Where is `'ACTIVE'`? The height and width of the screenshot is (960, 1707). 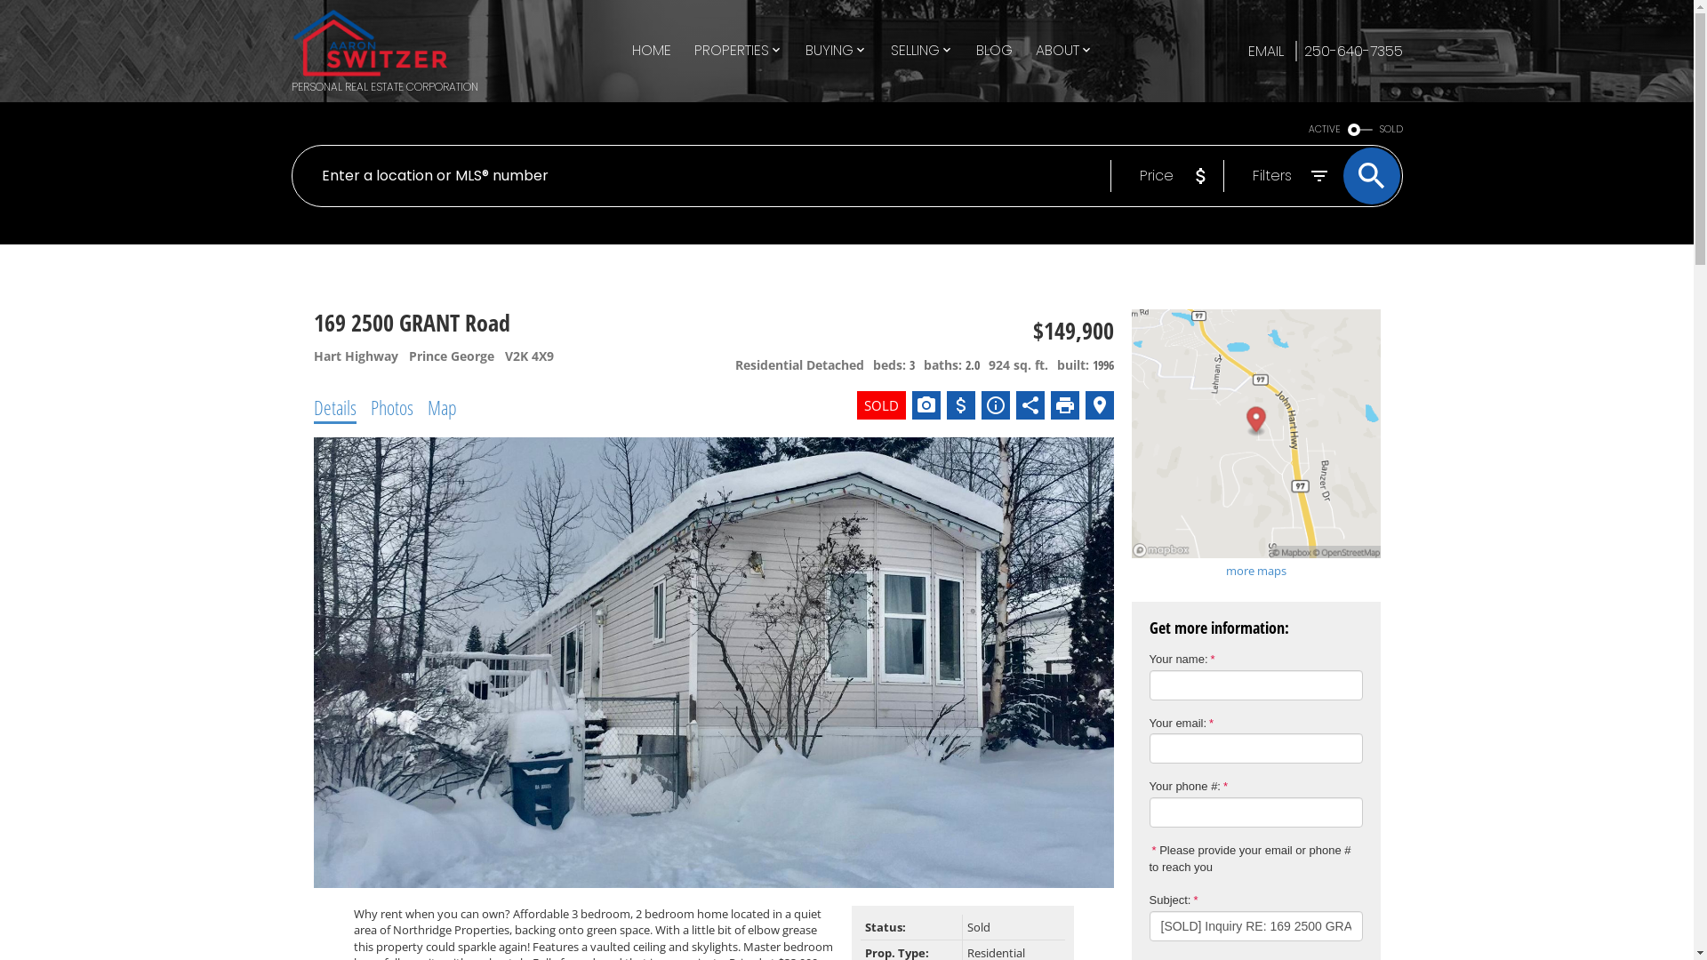
'ACTIVE' is located at coordinates (1324, 128).